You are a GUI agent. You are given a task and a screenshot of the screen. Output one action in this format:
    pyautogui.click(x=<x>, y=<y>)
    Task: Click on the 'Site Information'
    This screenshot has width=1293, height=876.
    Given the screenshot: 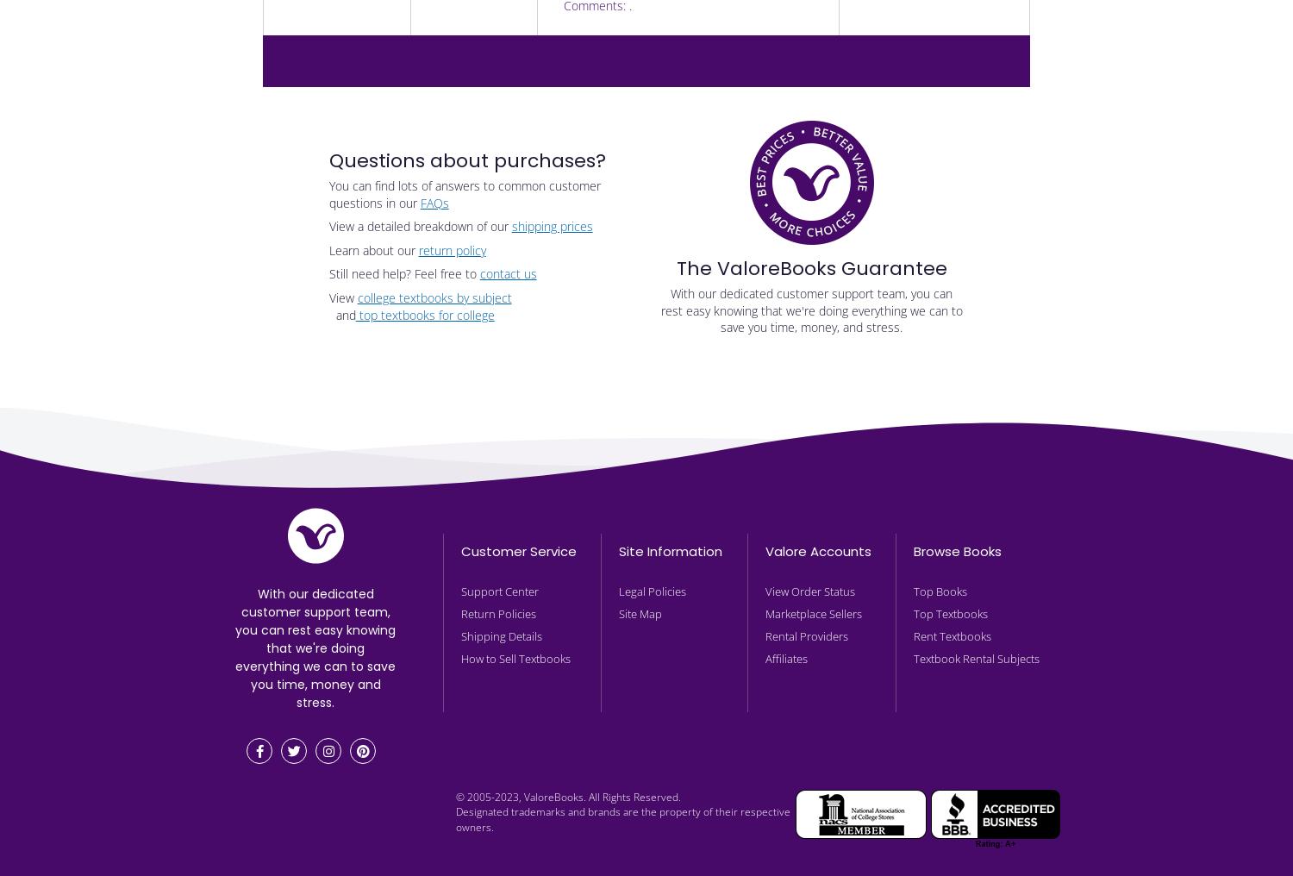 What is the action you would take?
    pyautogui.click(x=671, y=549)
    